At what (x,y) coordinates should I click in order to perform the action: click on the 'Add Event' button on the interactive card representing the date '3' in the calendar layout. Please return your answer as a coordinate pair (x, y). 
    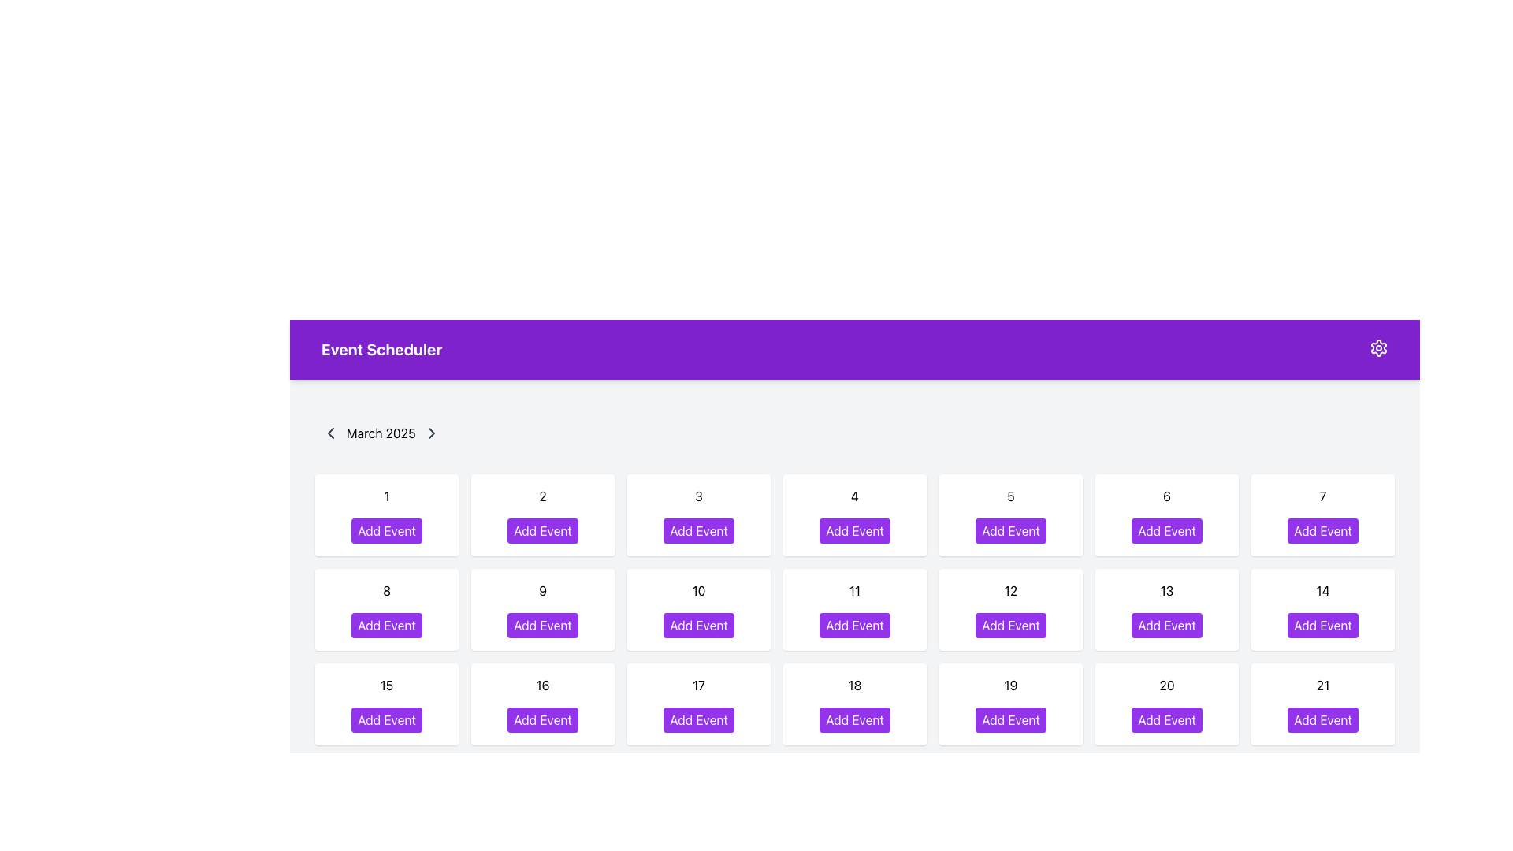
    Looking at the image, I should click on (698, 515).